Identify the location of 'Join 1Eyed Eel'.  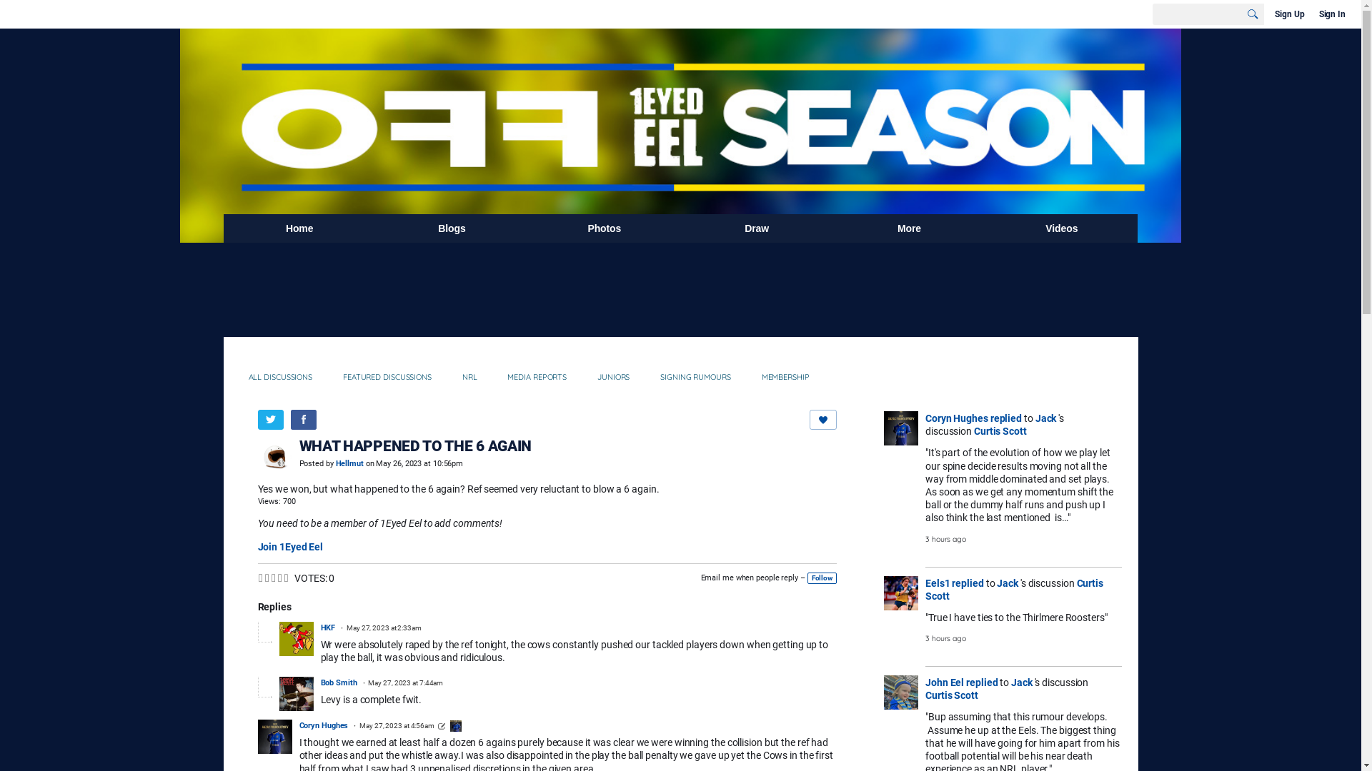
(289, 546).